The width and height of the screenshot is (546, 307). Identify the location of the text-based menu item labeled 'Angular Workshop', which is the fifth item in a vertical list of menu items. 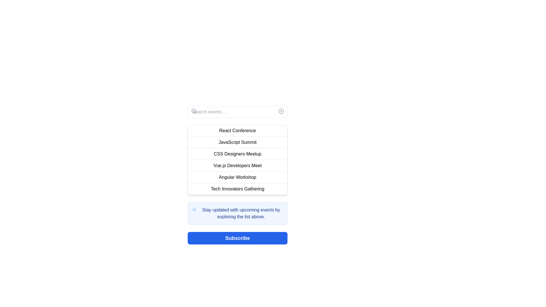
(237, 177).